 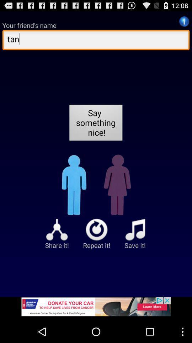 What do you see at coordinates (96, 308) in the screenshot?
I see `the option` at bounding box center [96, 308].